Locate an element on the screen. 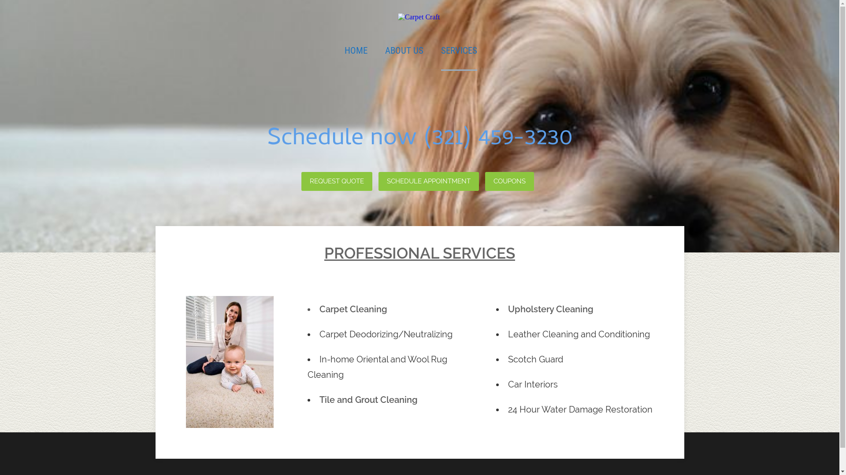  'HOME' is located at coordinates (356, 51).